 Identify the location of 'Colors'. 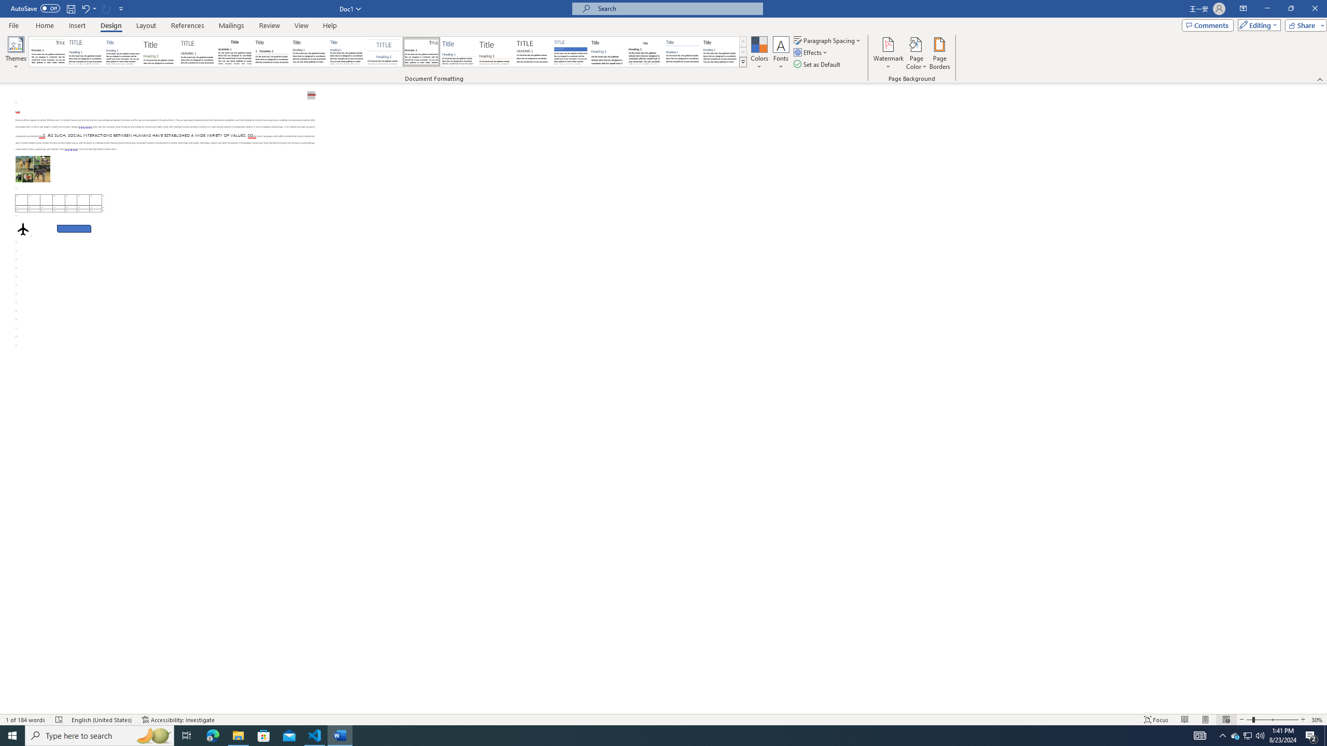
(758, 53).